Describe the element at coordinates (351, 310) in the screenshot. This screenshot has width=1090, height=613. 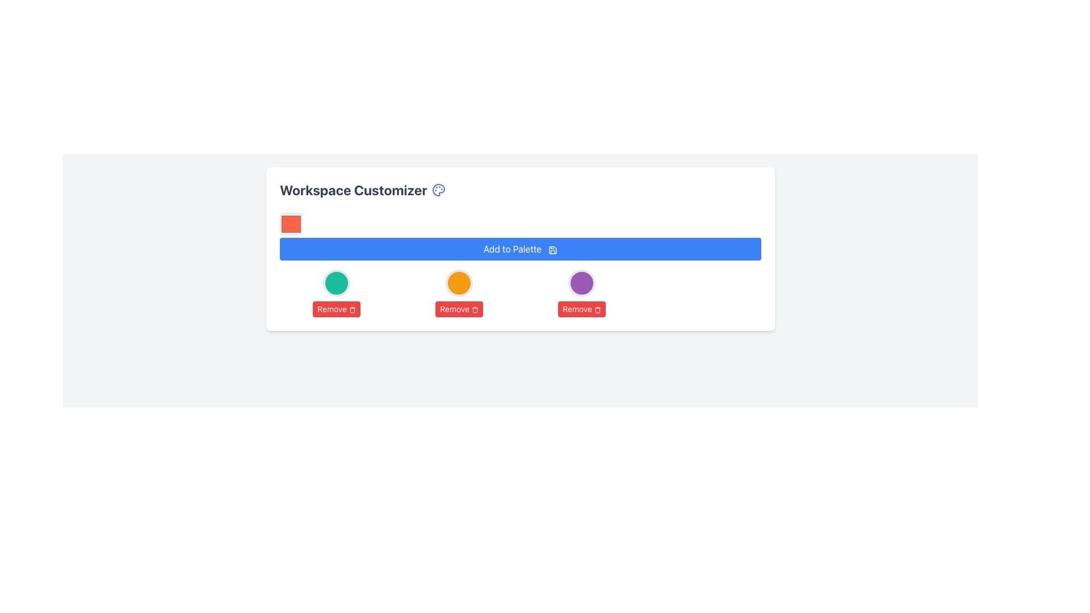
I see `the trash can SVG icon located within the red 'Remove' button, positioned to the left within a group of three buttons` at that location.